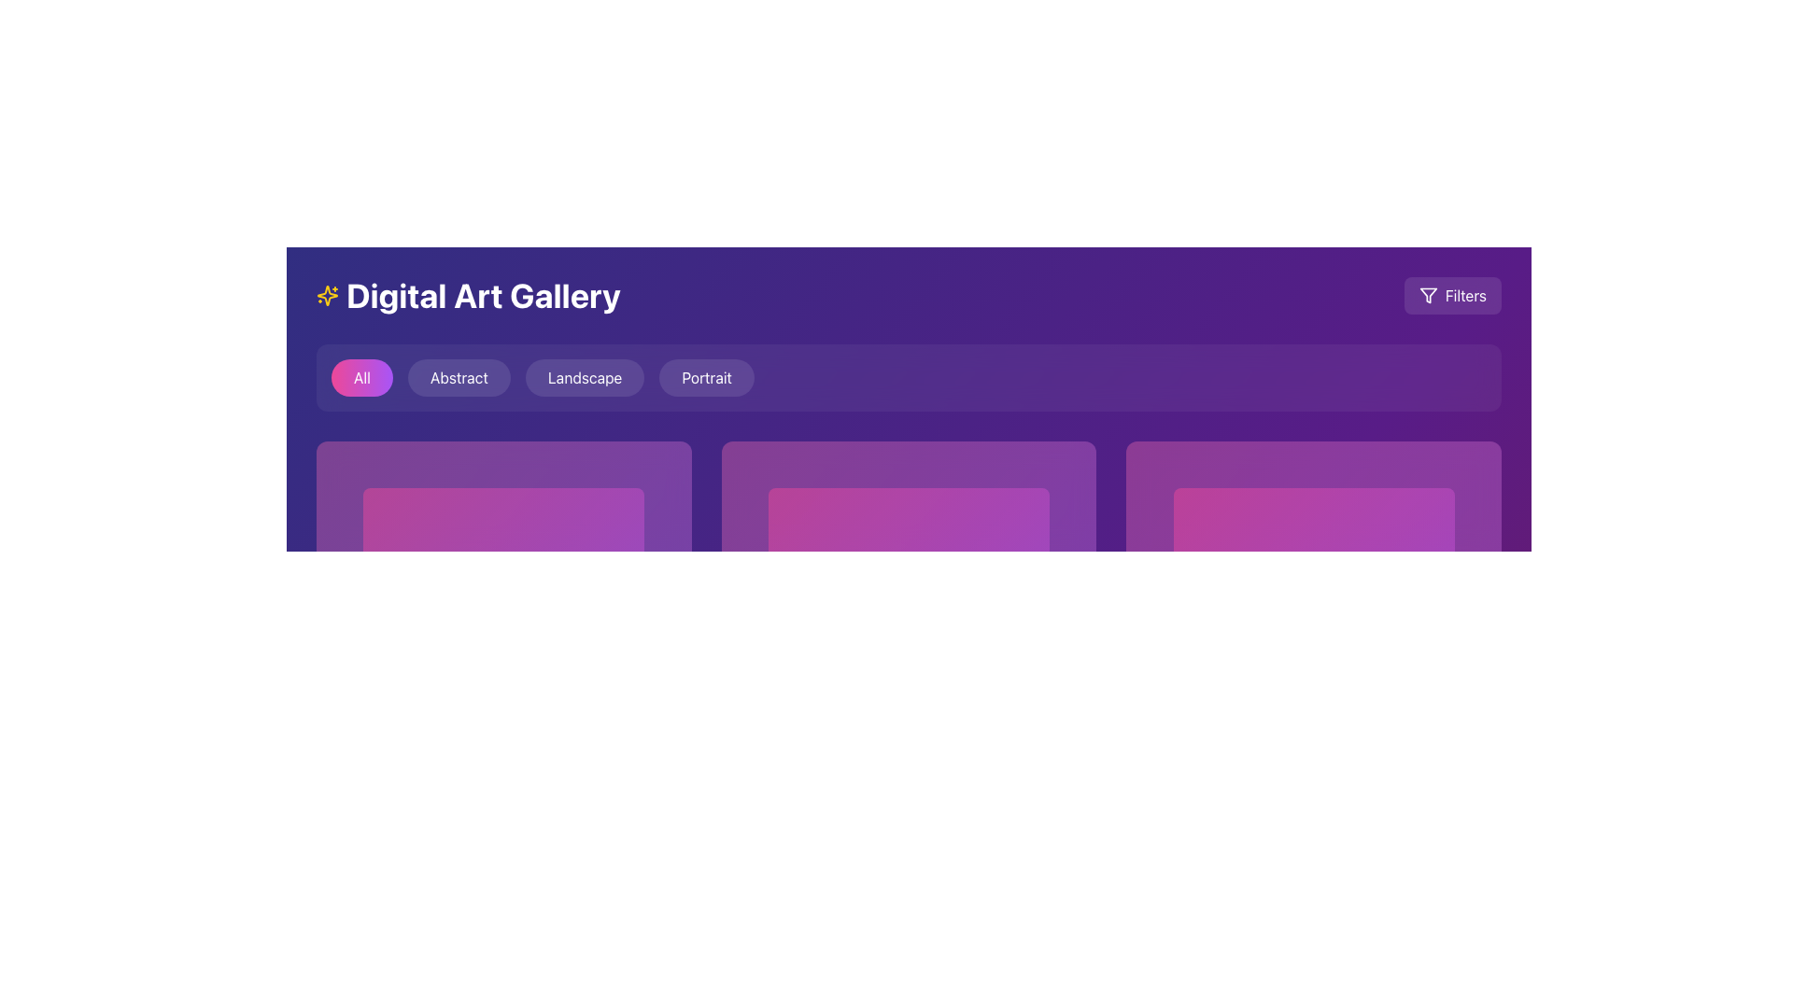  I want to click on the filtering SVG icon located at the top right corner of the application interface, which is part of the 'Filters' button in the primary header menu, so click(1427, 294).